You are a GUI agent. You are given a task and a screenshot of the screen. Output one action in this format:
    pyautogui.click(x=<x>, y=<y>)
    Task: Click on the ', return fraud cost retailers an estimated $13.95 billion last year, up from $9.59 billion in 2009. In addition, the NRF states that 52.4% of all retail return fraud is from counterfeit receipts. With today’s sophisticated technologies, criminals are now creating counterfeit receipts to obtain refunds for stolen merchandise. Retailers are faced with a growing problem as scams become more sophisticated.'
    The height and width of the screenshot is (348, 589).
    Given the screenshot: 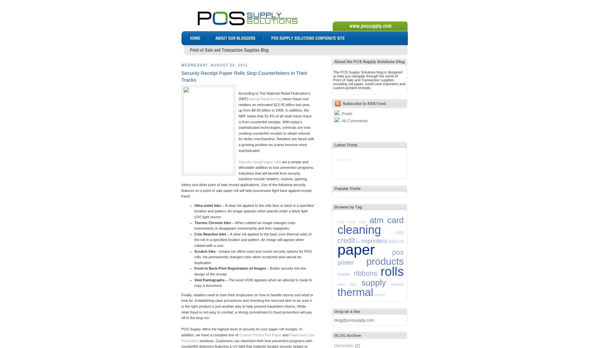 What is the action you would take?
    pyautogui.click(x=276, y=124)
    